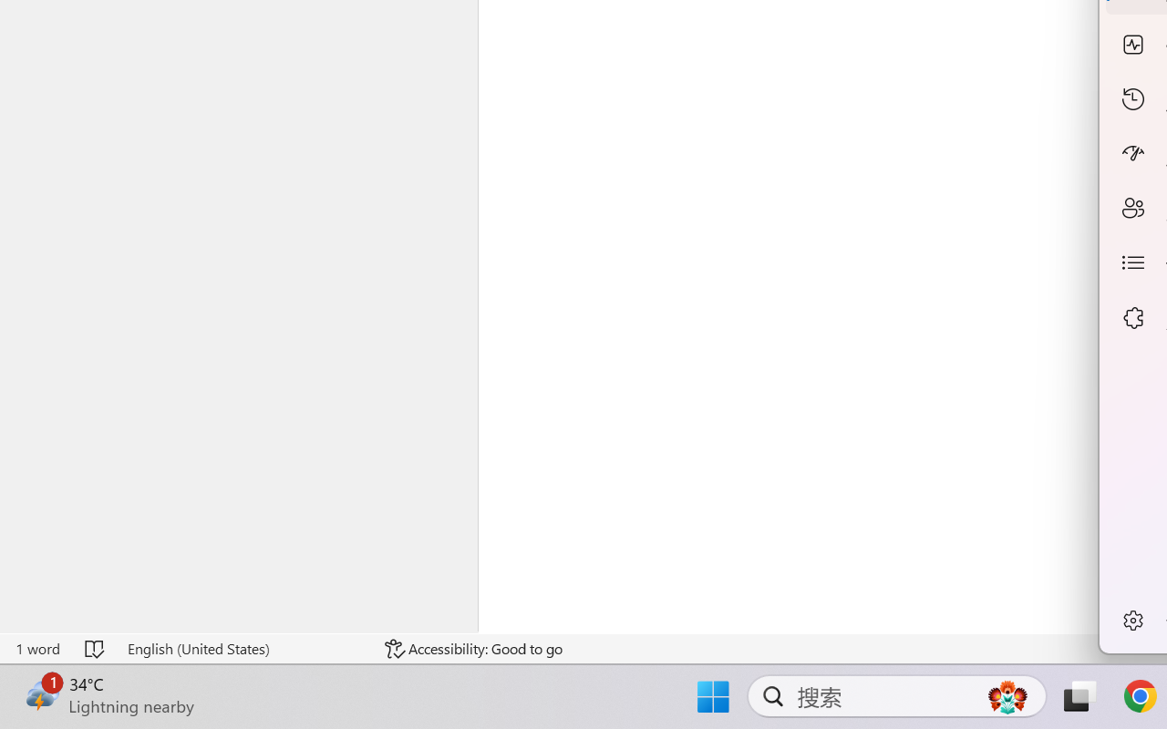  Describe the element at coordinates (37, 648) in the screenshot. I see `'Word Count 1 word'` at that location.